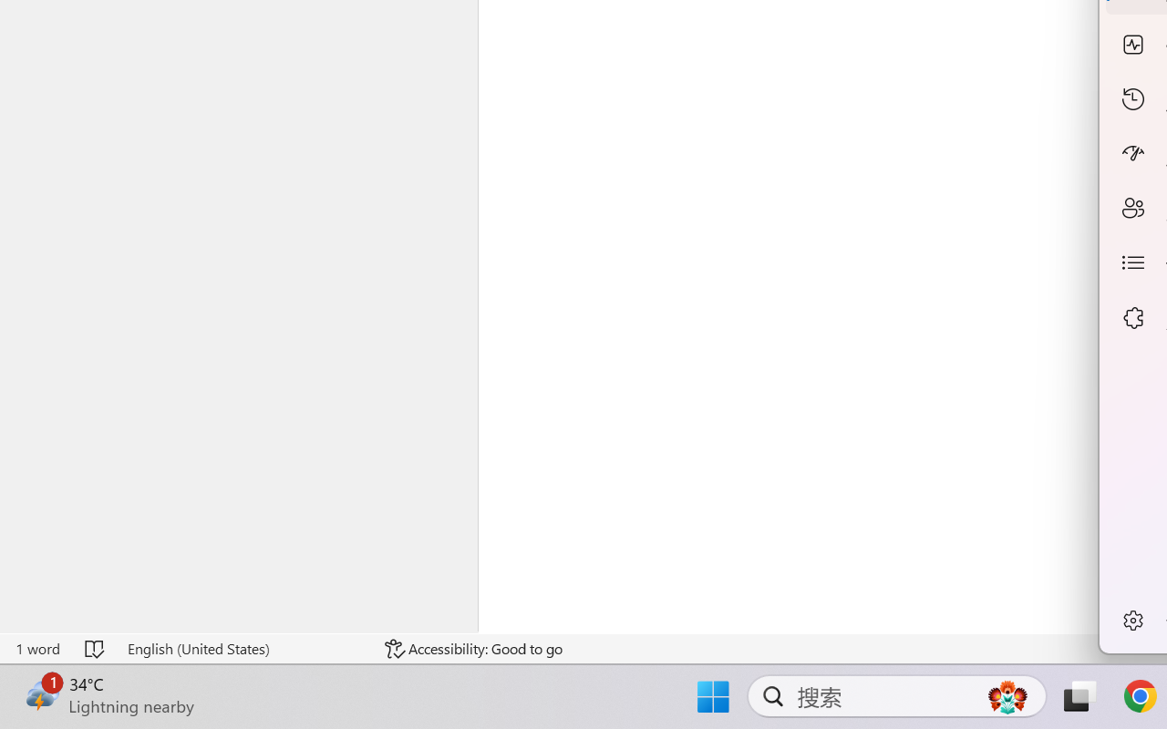  Describe the element at coordinates (37, 648) in the screenshot. I see `'Word Count 1 word'` at that location.